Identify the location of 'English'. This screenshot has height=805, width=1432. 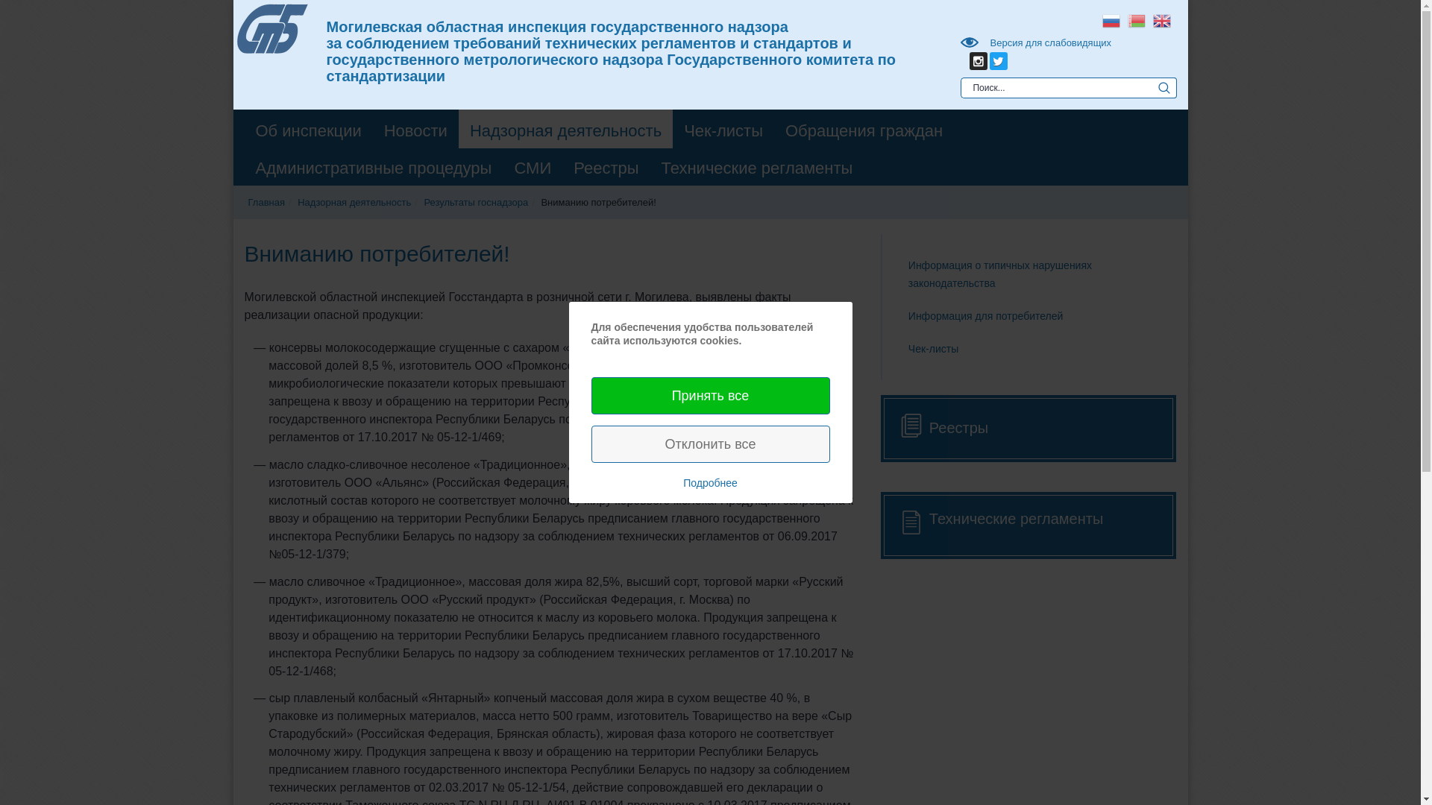
(1148, 19).